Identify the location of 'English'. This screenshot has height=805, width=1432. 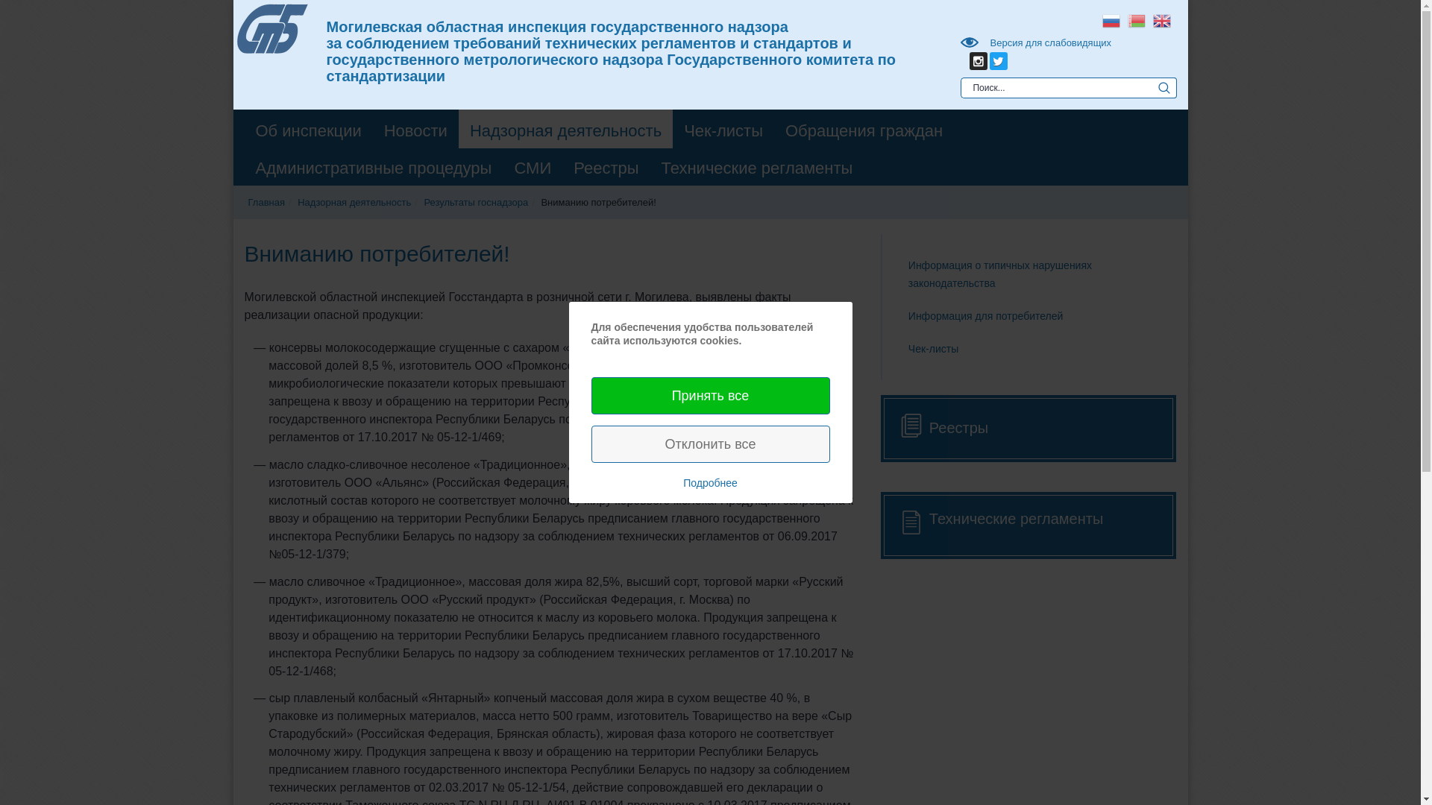
(1148, 19).